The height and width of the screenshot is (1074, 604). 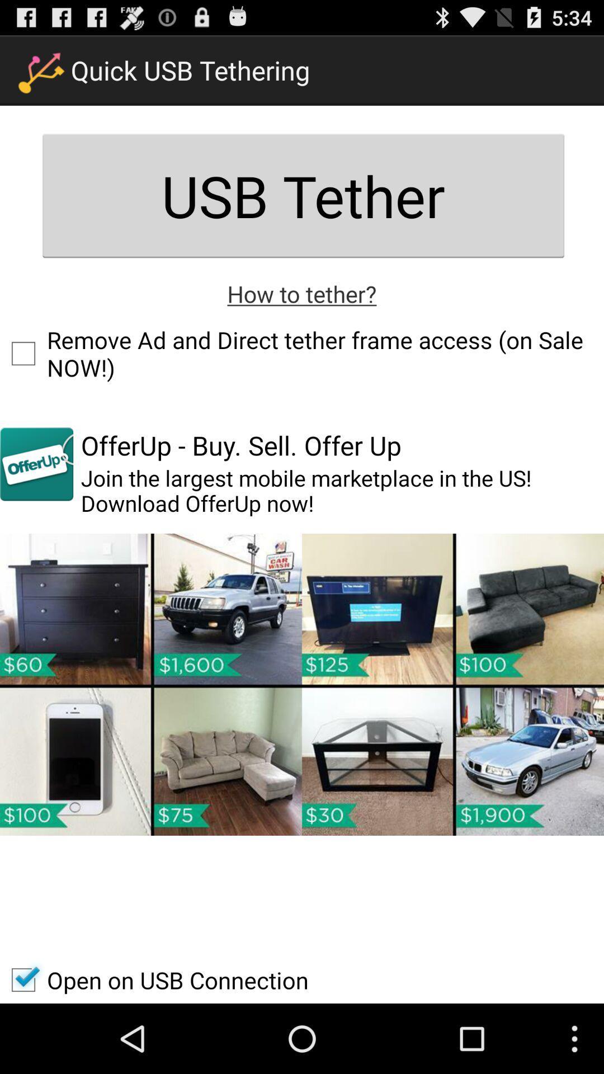 I want to click on the app to the left of offerup buy sell item, so click(x=36, y=464).